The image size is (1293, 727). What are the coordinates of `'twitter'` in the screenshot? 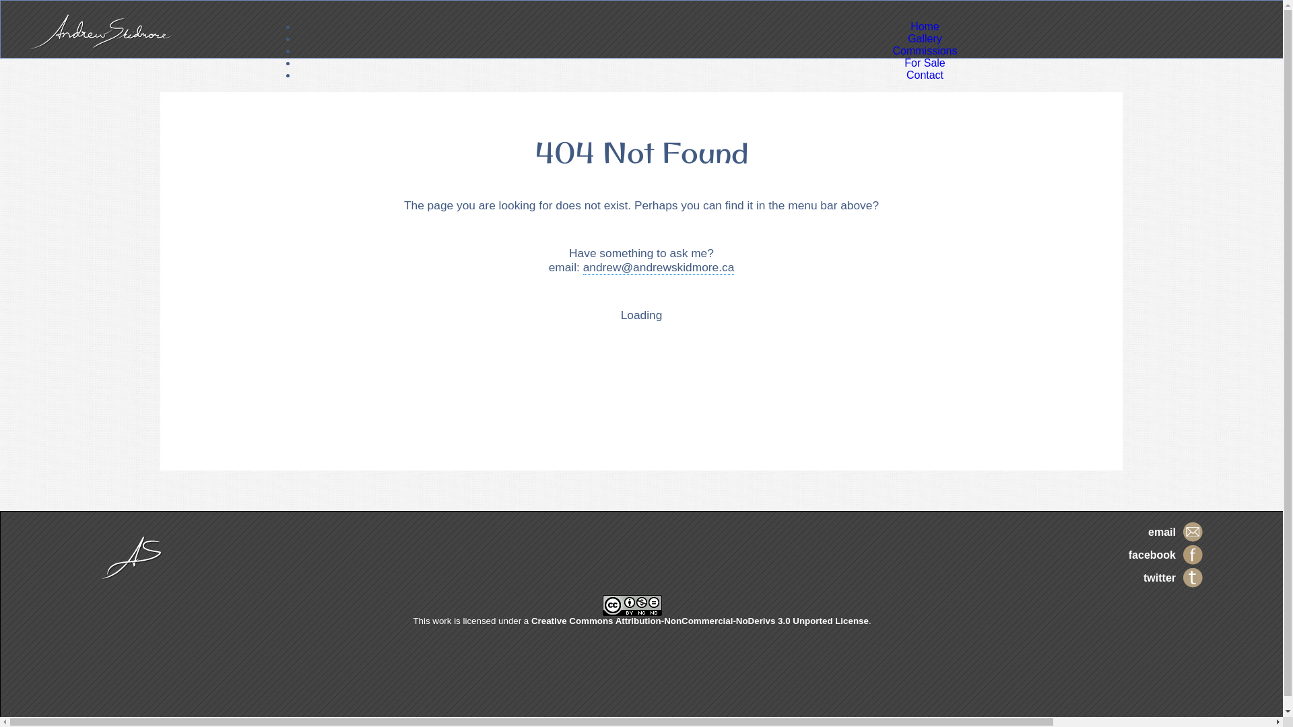 It's located at (1159, 577).